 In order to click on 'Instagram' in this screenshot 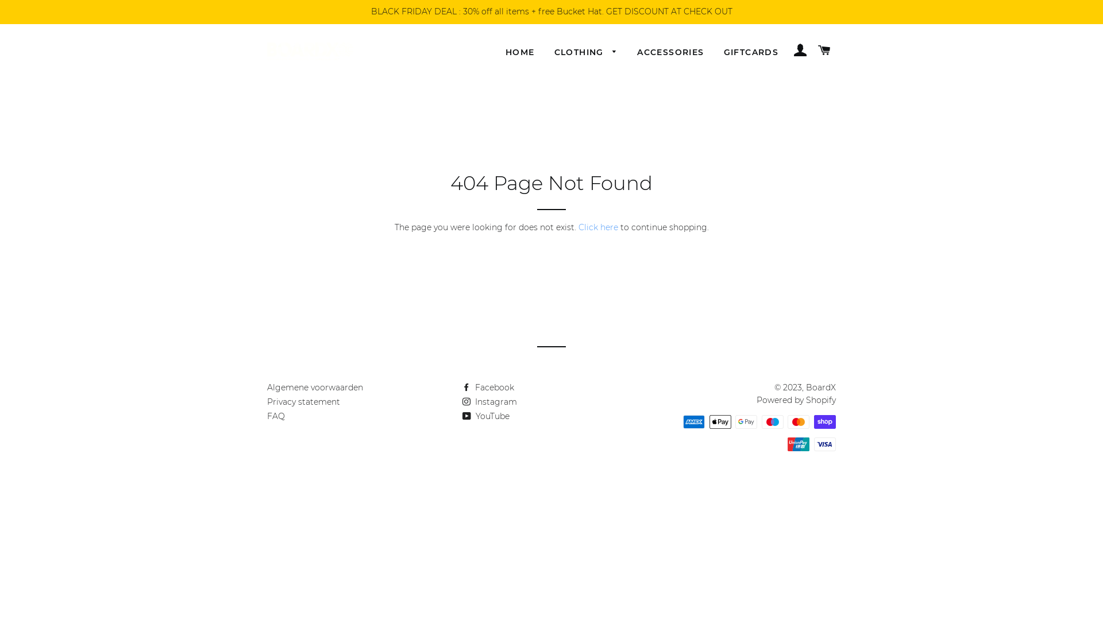, I will do `click(489, 401)`.